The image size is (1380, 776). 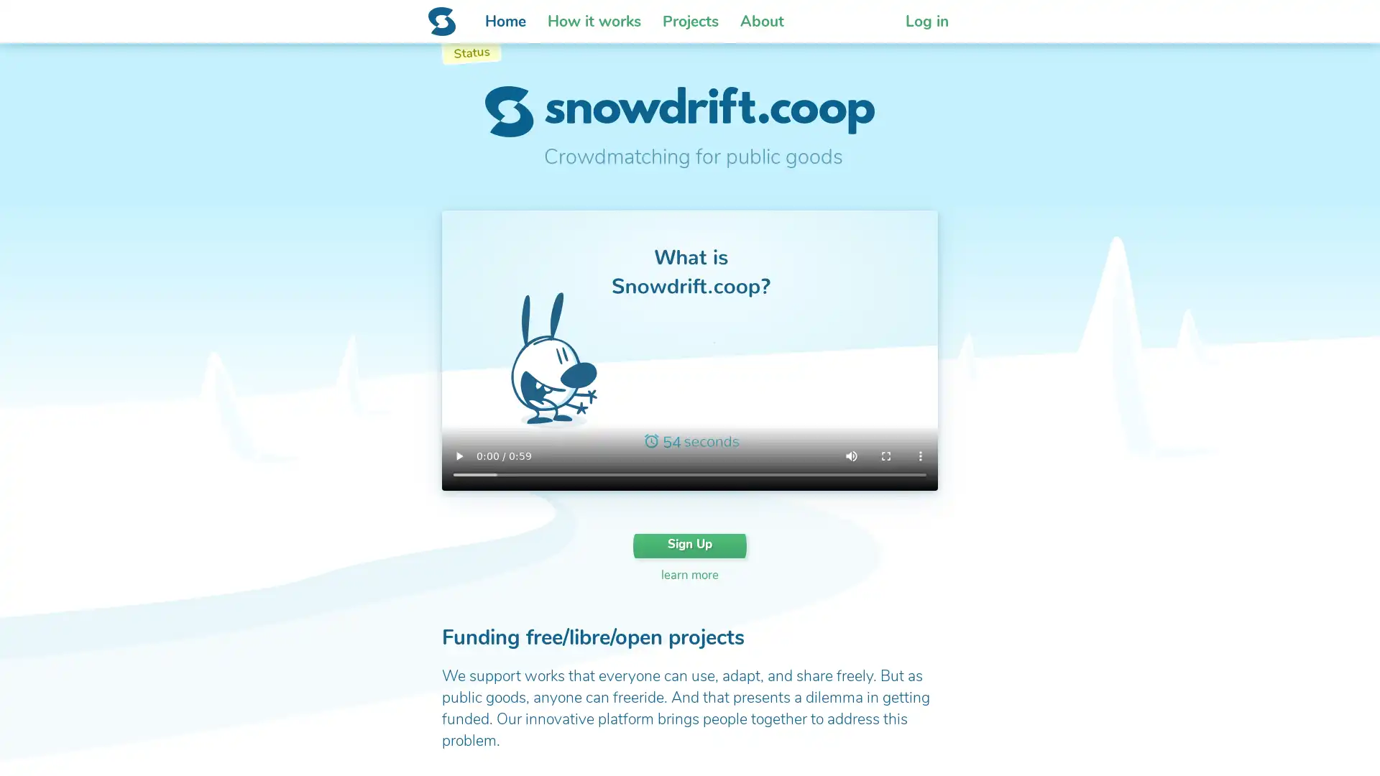 I want to click on mute, so click(x=852, y=456).